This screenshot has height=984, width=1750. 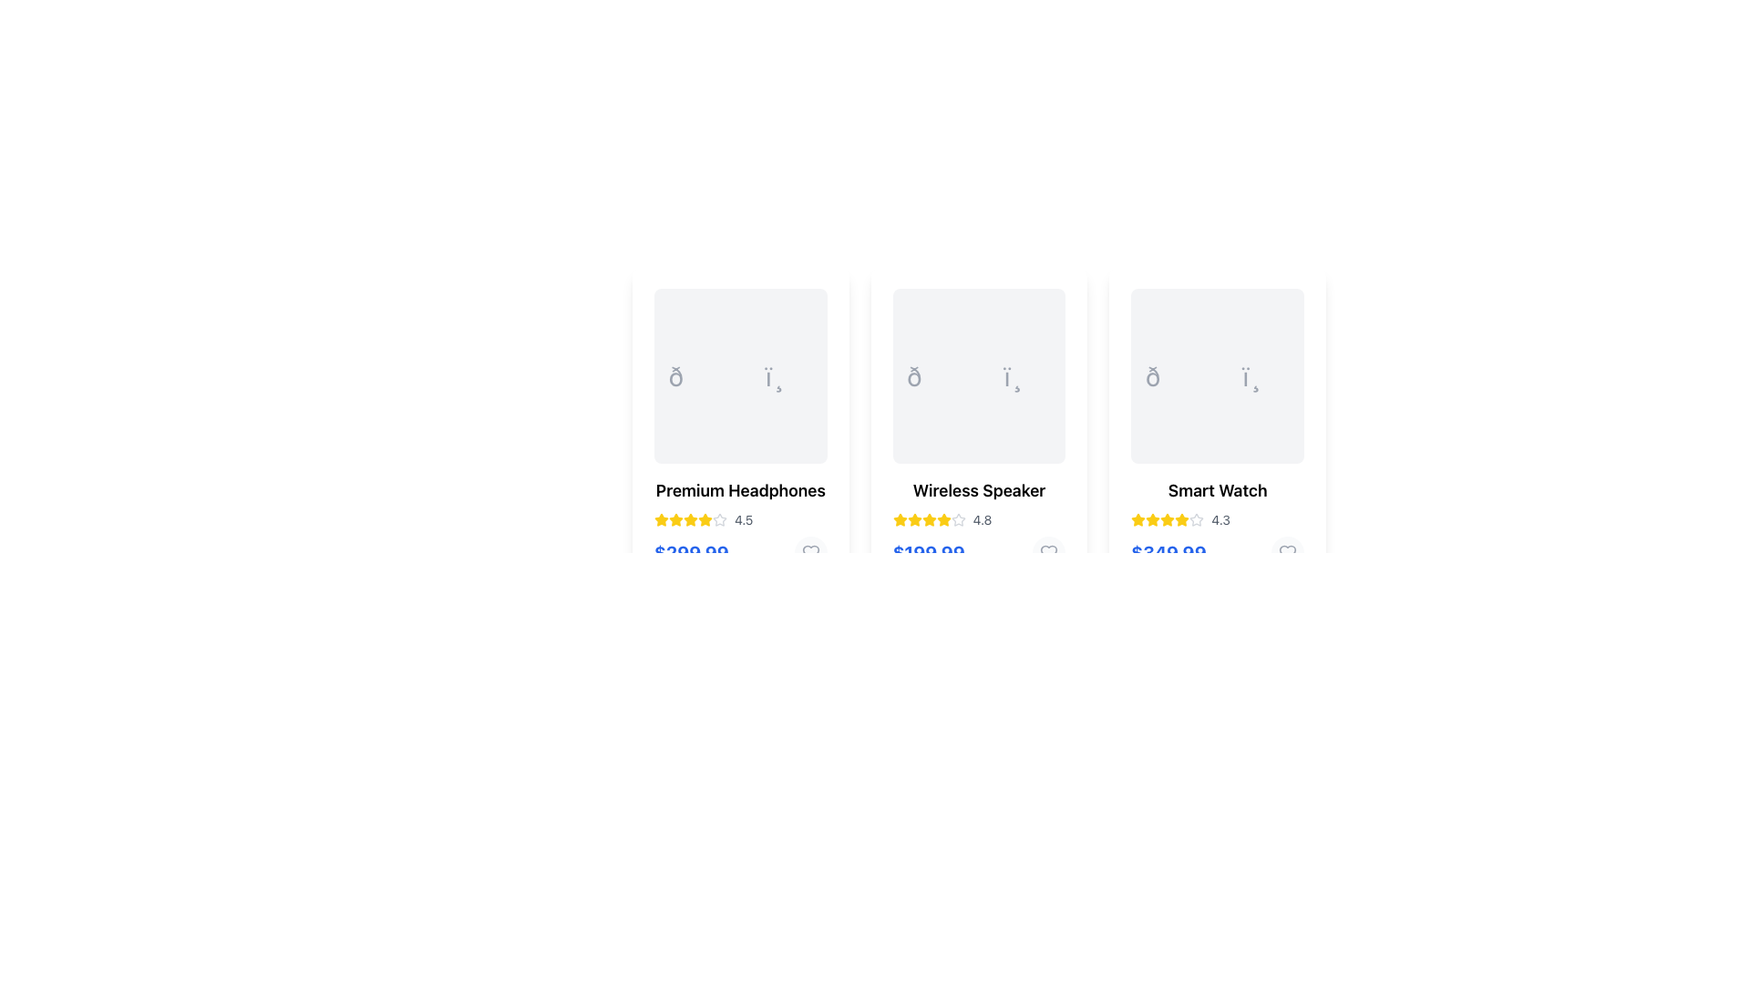 What do you see at coordinates (1152, 519) in the screenshot?
I see `the yellow star-shaped icon representing the rating feature located above the '4.3' rating text in the 'Smart Watch' card` at bounding box center [1152, 519].